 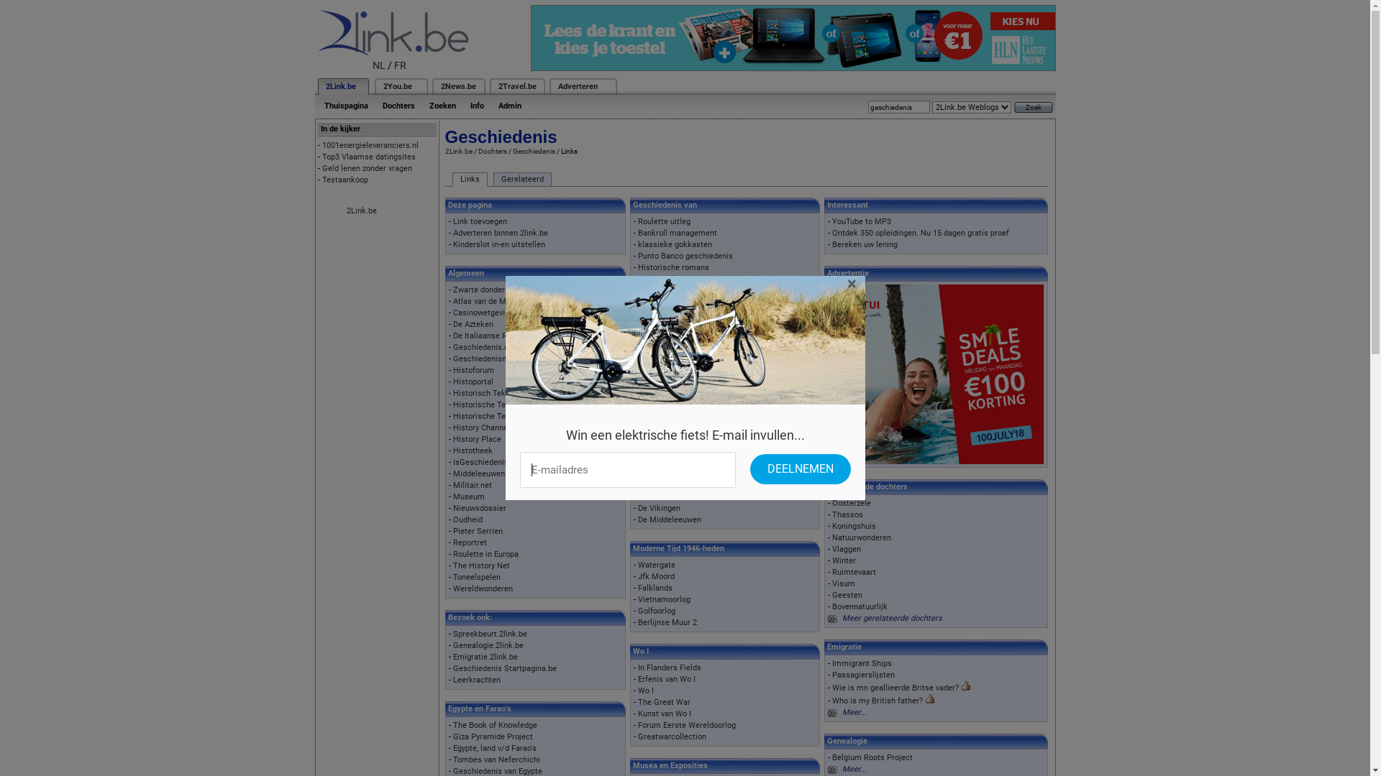 I want to click on 'Visum', so click(x=831, y=583).